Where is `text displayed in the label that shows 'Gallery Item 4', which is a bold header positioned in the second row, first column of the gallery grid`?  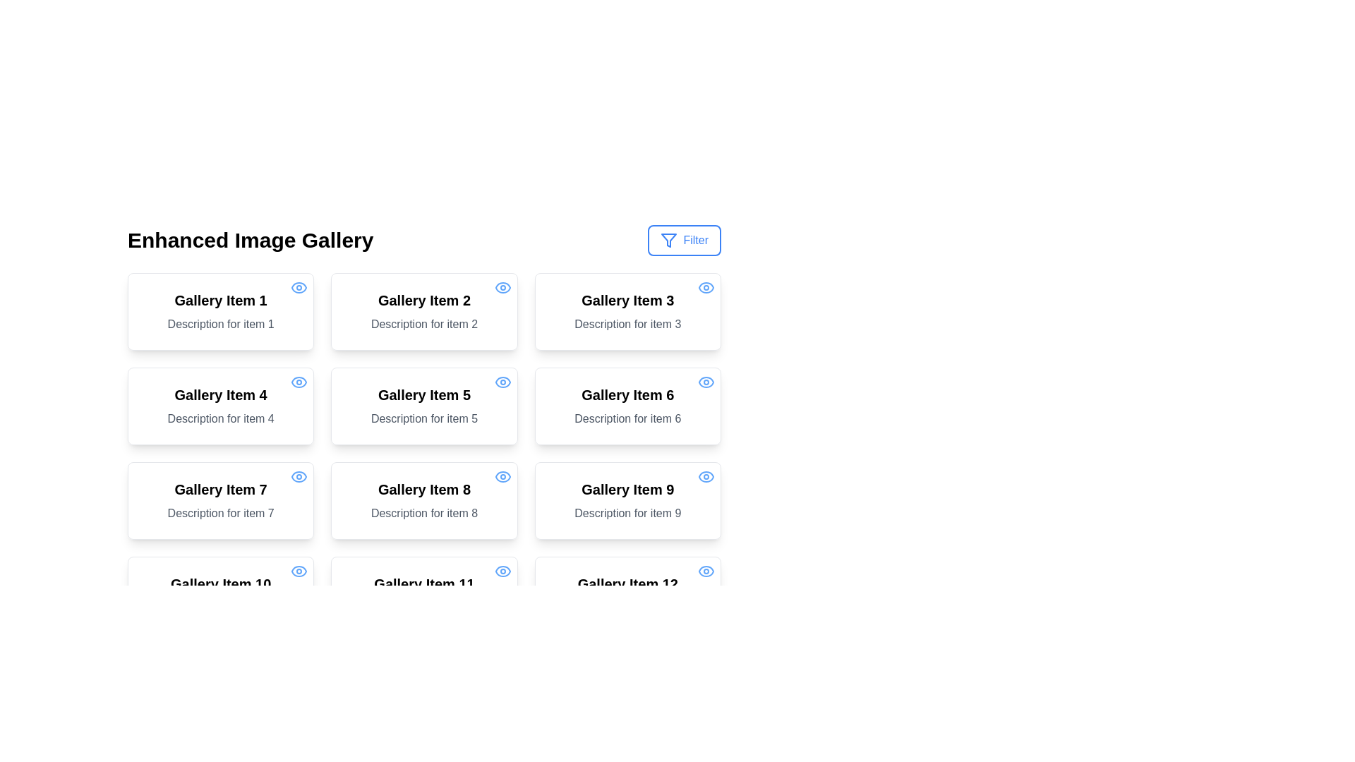 text displayed in the label that shows 'Gallery Item 4', which is a bold header positioned in the second row, first column of the gallery grid is located at coordinates (220, 394).